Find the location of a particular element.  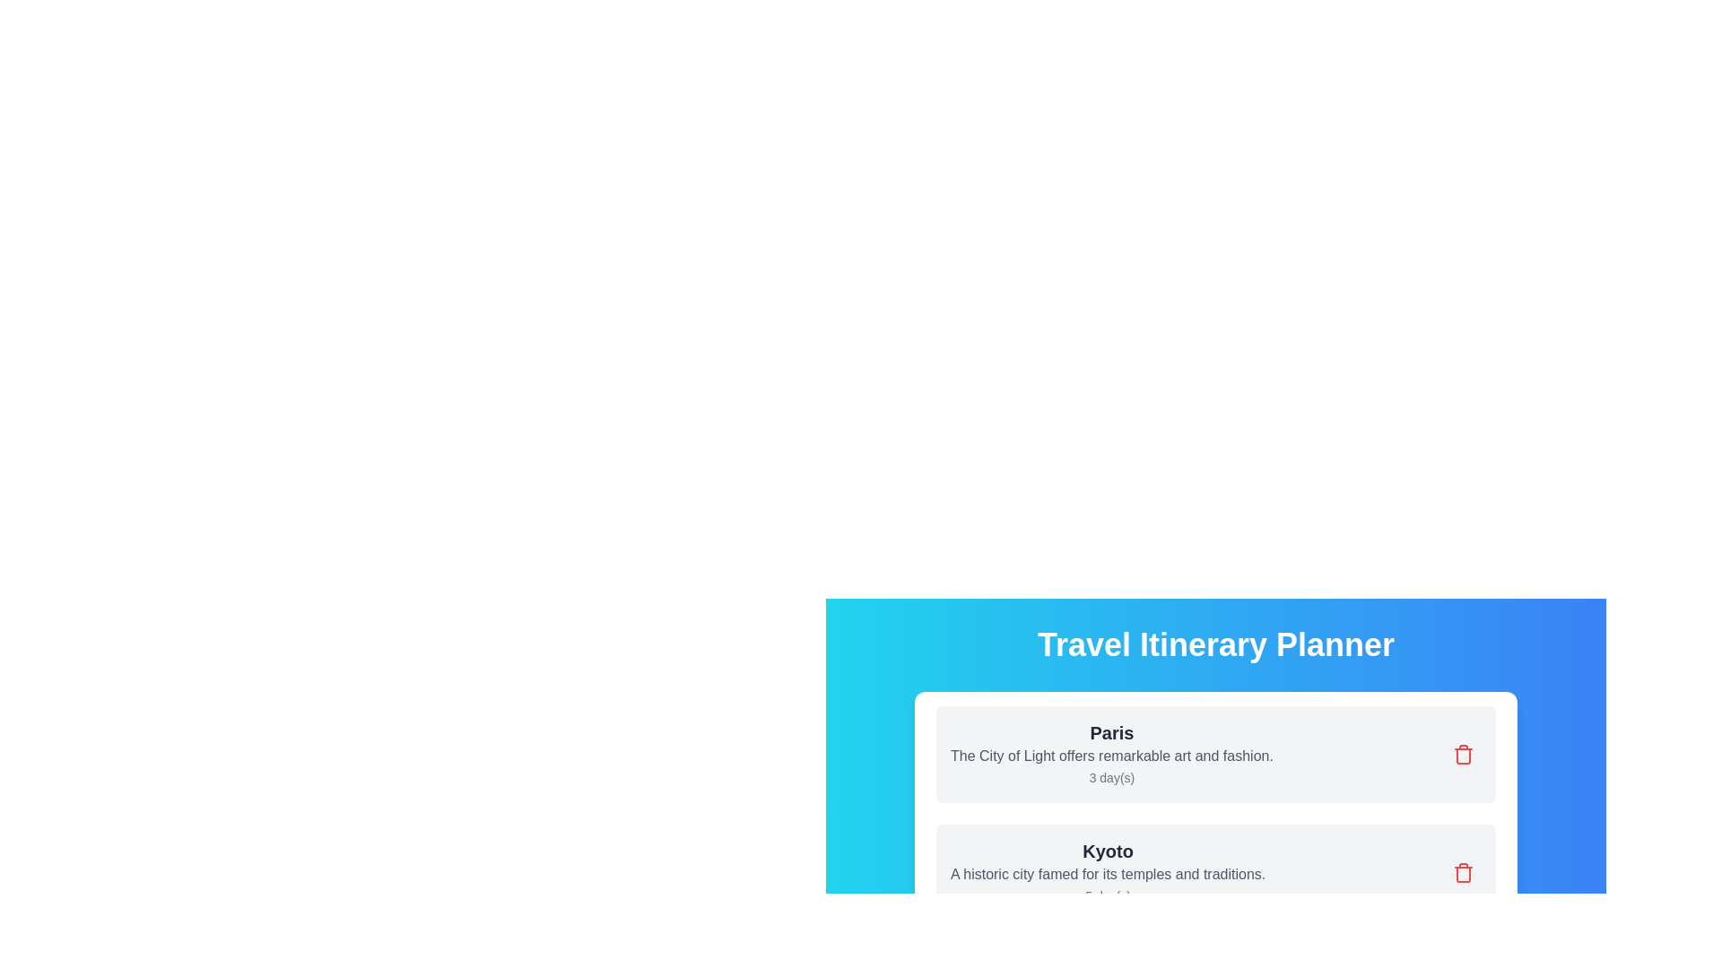

the Text label that prominently displays 'Paris' in a large, bold, dark gray font, located at the top of its card-like section is located at coordinates (1109, 732).